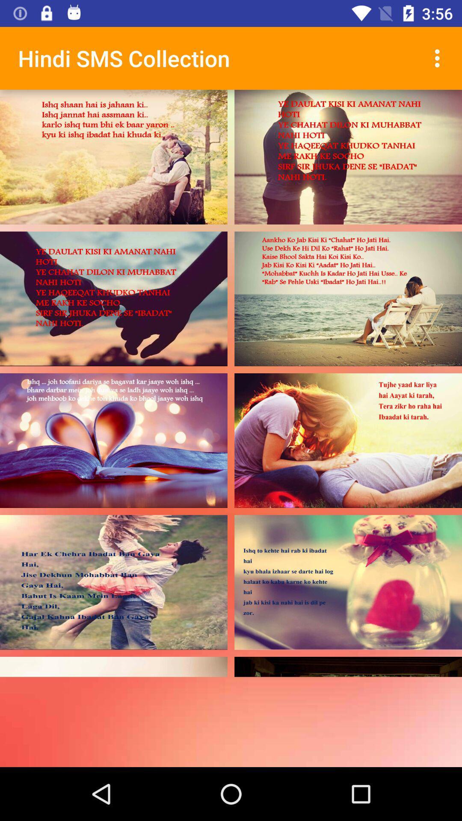 This screenshot has width=462, height=821. What do you see at coordinates (439, 58) in the screenshot?
I see `the icon next to hindi sms collection app` at bounding box center [439, 58].